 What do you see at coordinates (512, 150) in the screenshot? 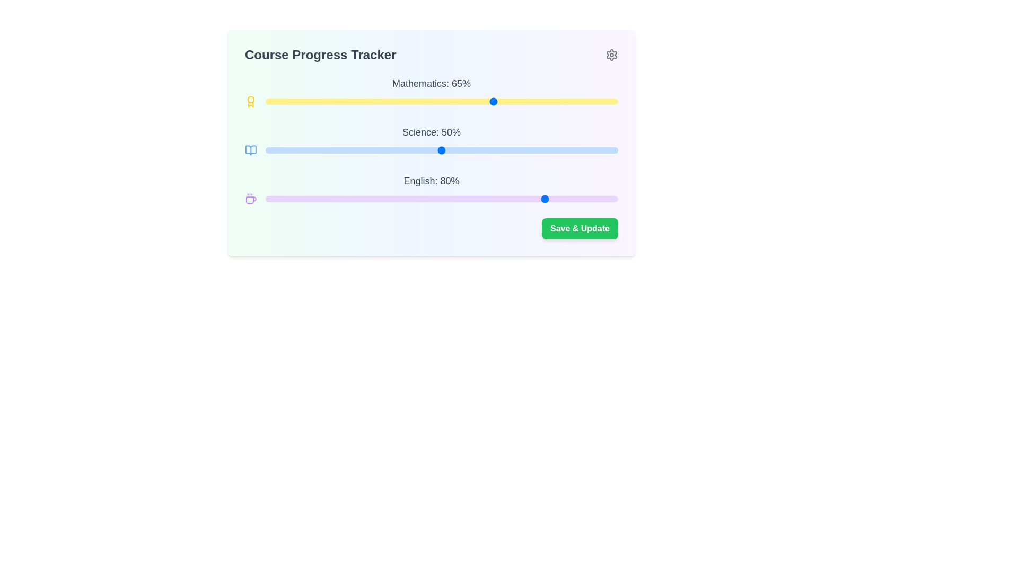
I see `the Science progress slider` at bounding box center [512, 150].